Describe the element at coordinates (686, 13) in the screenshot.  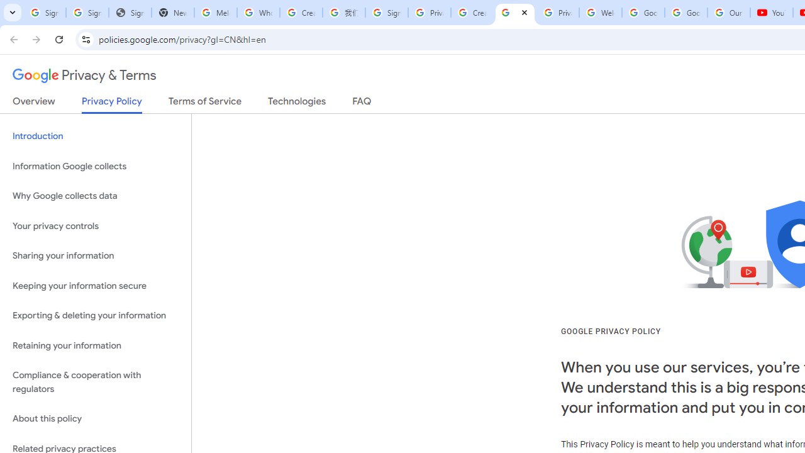
I see `'Google Account'` at that location.